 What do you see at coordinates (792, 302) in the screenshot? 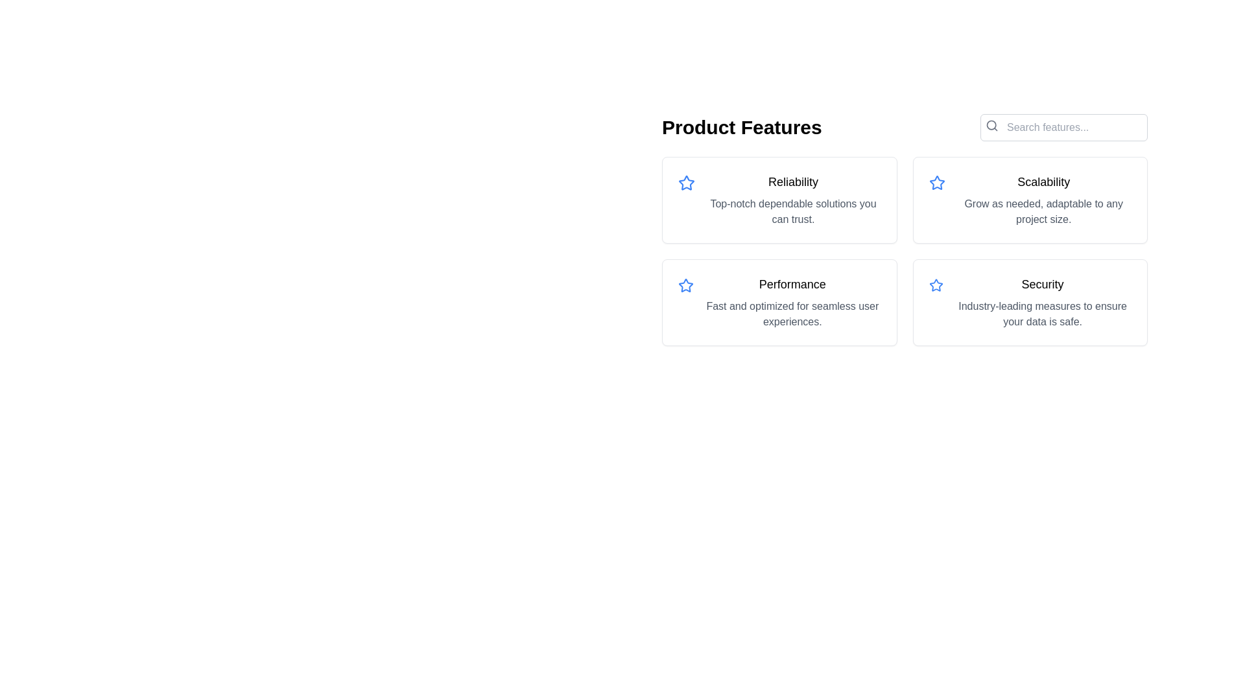
I see `the Informational Text Block in the second column of the top row under the 'Product Features' section` at bounding box center [792, 302].